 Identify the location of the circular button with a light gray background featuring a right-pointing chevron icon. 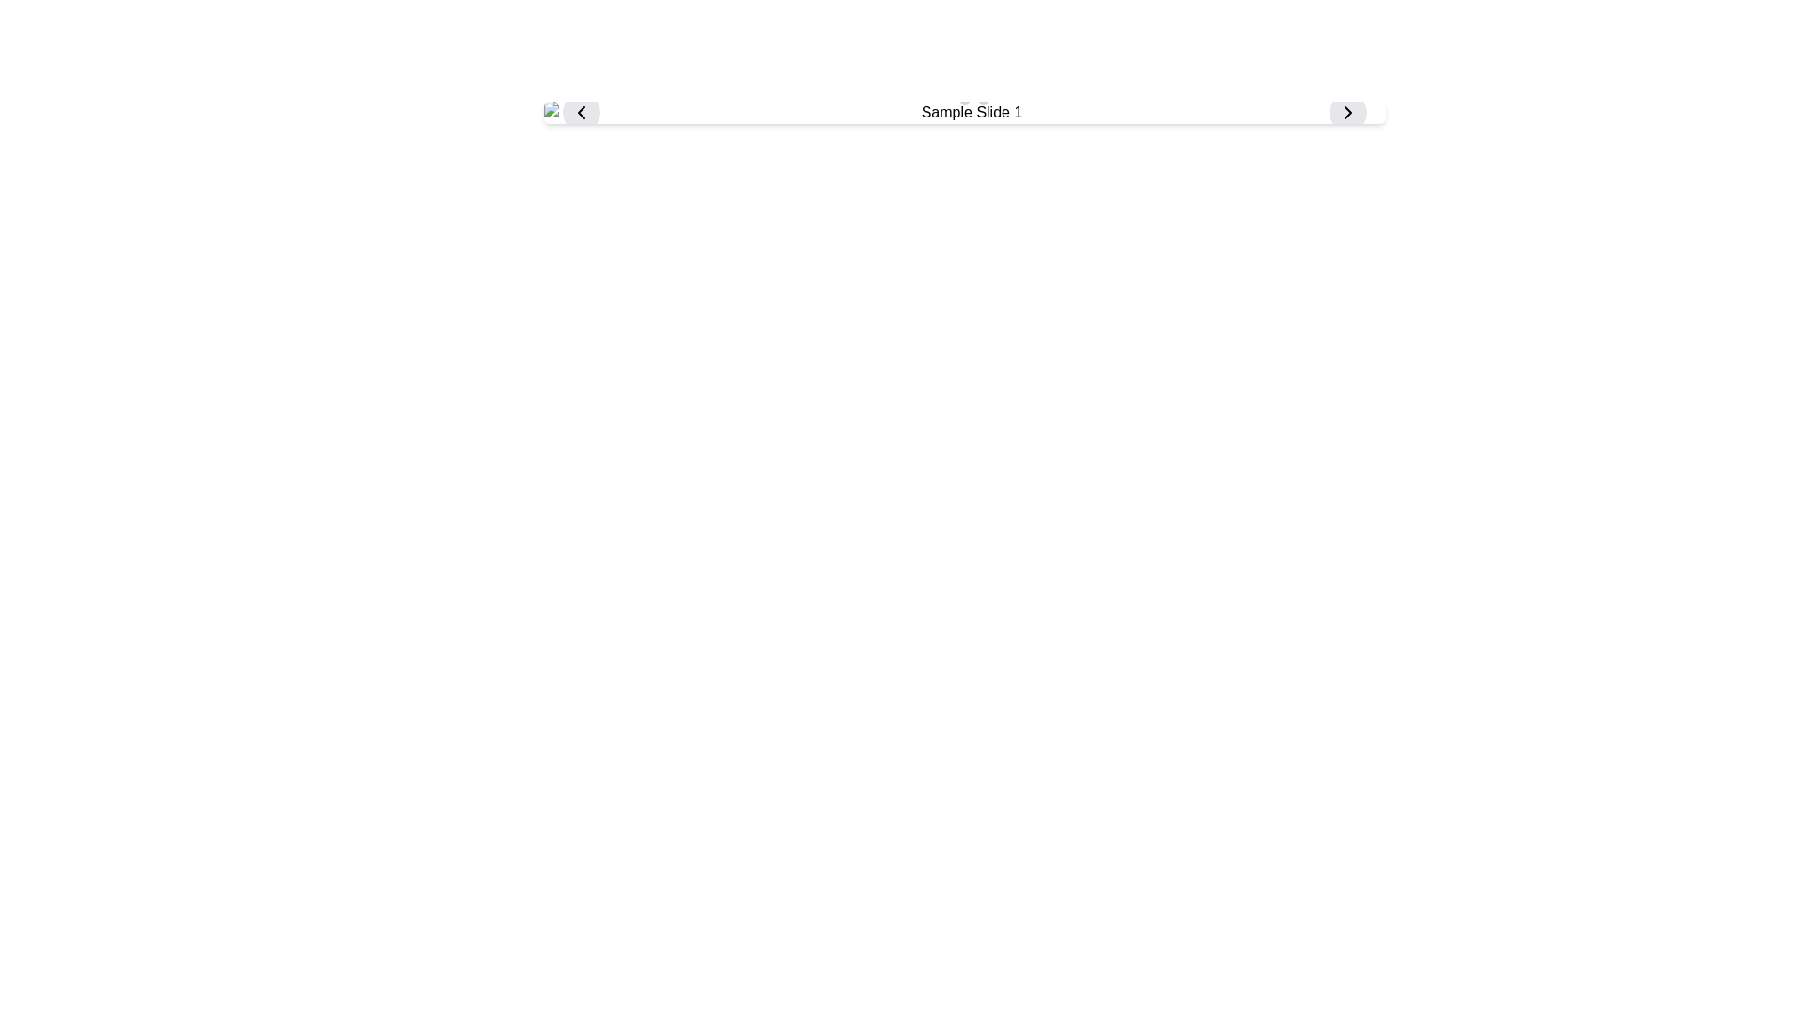
(1346, 112).